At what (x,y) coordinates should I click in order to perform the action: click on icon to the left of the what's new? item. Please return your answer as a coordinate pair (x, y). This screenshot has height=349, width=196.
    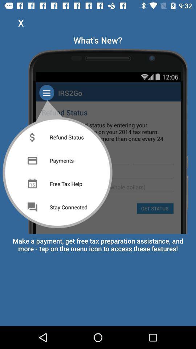
    Looking at the image, I should click on (21, 23).